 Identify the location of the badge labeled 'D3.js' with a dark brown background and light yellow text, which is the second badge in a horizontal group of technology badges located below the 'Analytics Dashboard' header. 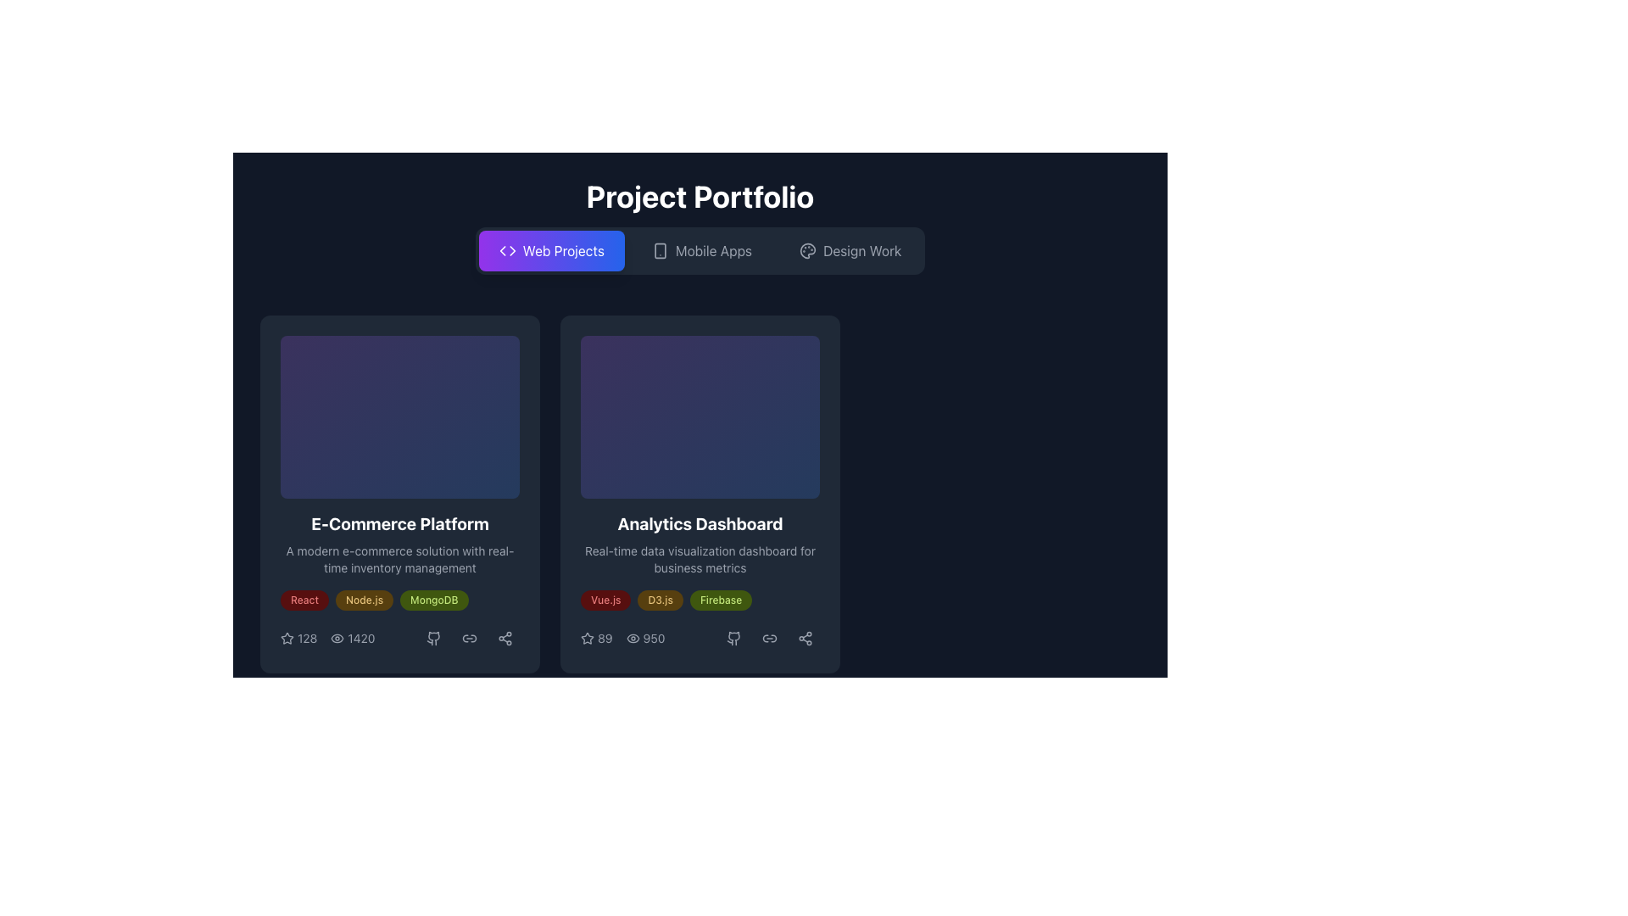
(660, 600).